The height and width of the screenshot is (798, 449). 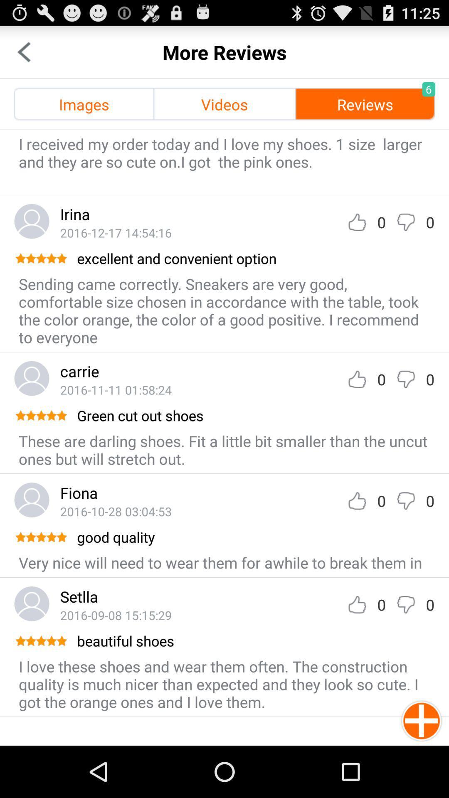 What do you see at coordinates (84, 103) in the screenshot?
I see `images icon` at bounding box center [84, 103].